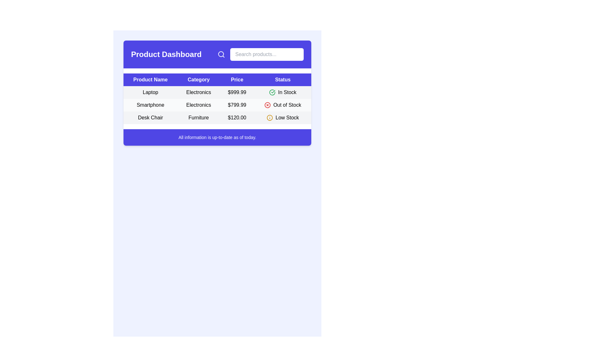  I want to click on the 'Out of Stock' text label in the 'Status' column, second row of the table, which is styled with a clear, sans-serif font and located next to the price '799.99', so click(287, 104).